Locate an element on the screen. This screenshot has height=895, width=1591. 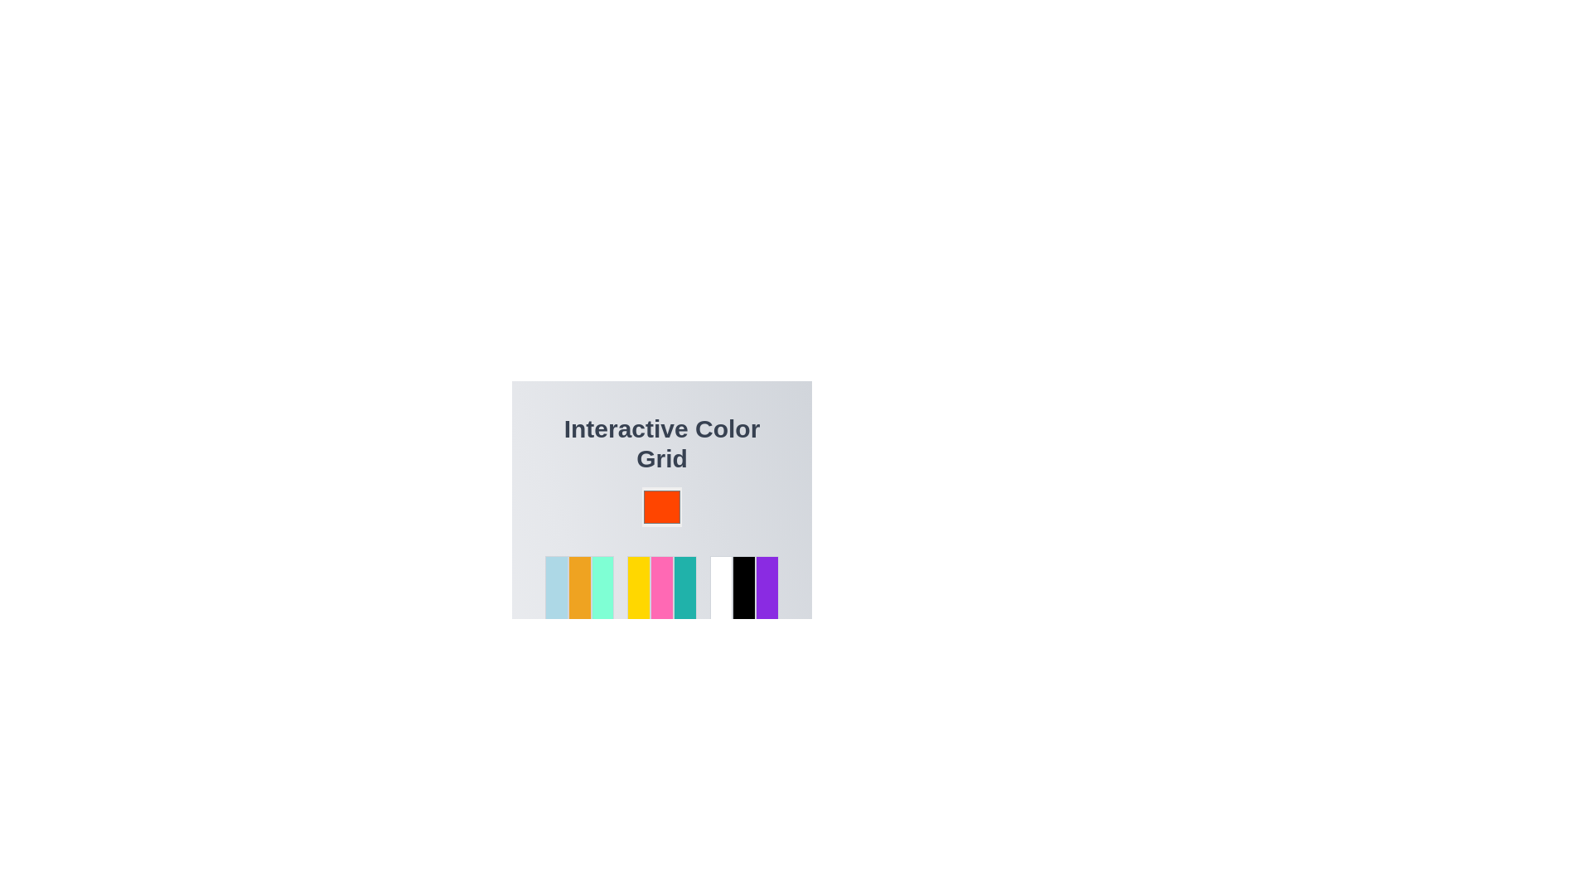
the Color selector located centrally below the title 'Interactive Color Grid' is located at coordinates (660, 506).